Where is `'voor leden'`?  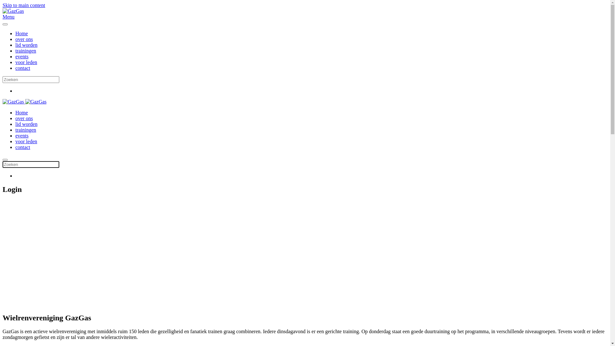 'voor leden' is located at coordinates (26, 141).